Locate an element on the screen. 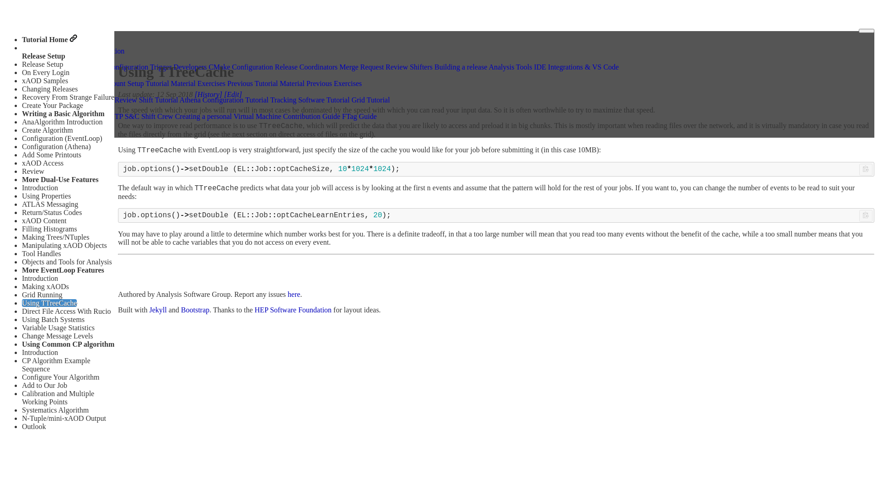 Image resolution: width=878 pixels, height=494 pixels. 'Using TTreeCache' is located at coordinates (48, 303).